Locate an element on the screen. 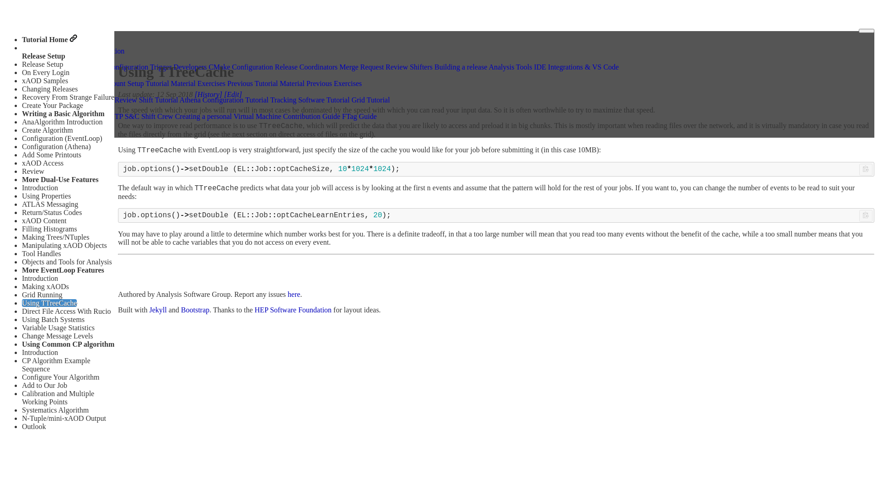 Image resolution: width=878 pixels, height=494 pixels. 'Using TTreeCache' is located at coordinates (48, 303).